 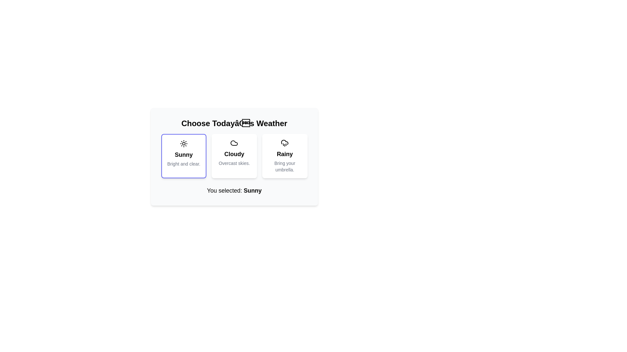 What do you see at coordinates (285, 156) in the screenshot?
I see `the 'Rainy' weather selection button located below the title 'Choose Today's Weather'` at bounding box center [285, 156].